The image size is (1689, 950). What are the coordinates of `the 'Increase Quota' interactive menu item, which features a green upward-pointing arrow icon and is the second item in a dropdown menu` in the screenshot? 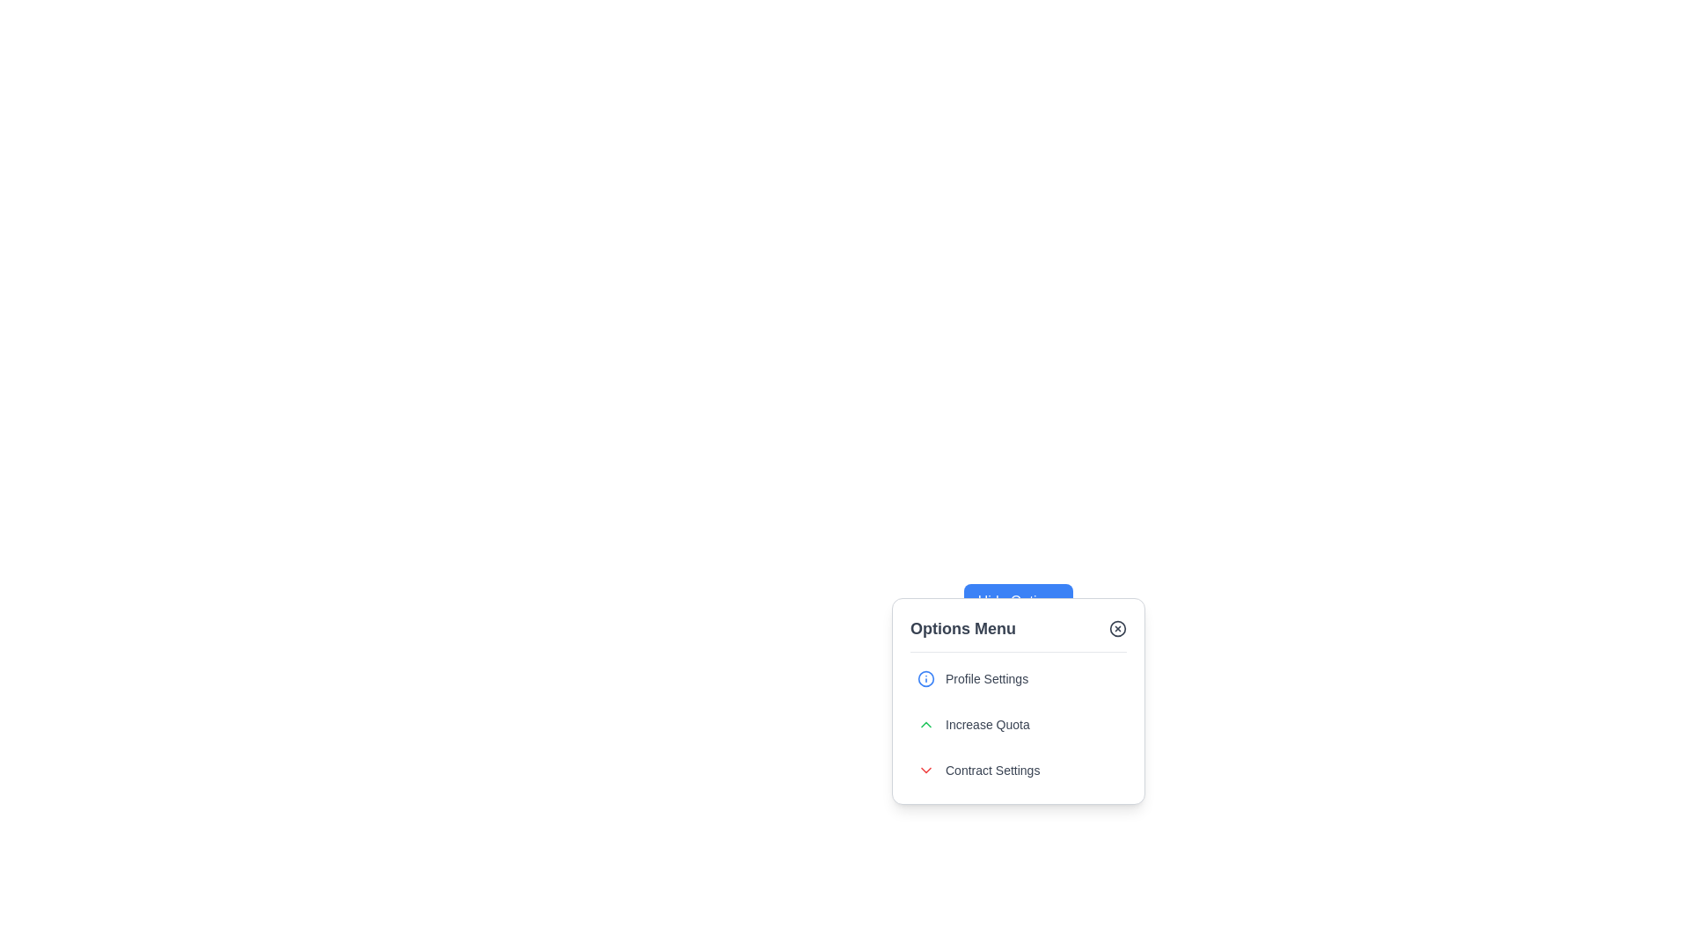 It's located at (1018, 725).